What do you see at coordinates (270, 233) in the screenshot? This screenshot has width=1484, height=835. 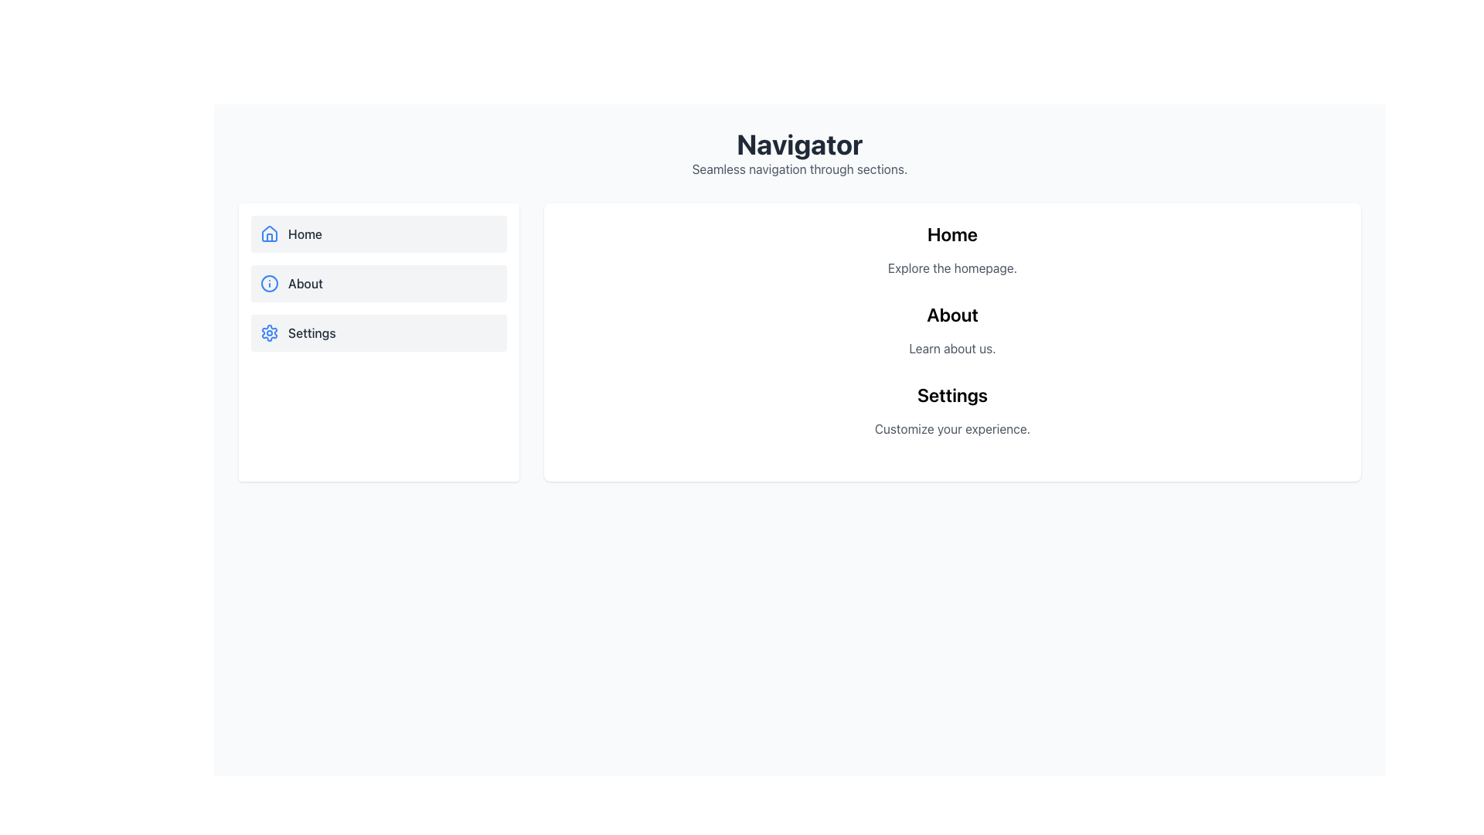 I see `the house icon in the navigation menu, which is the first icon on the left side preceding the 'Home' text` at bounding box center [270, 233].